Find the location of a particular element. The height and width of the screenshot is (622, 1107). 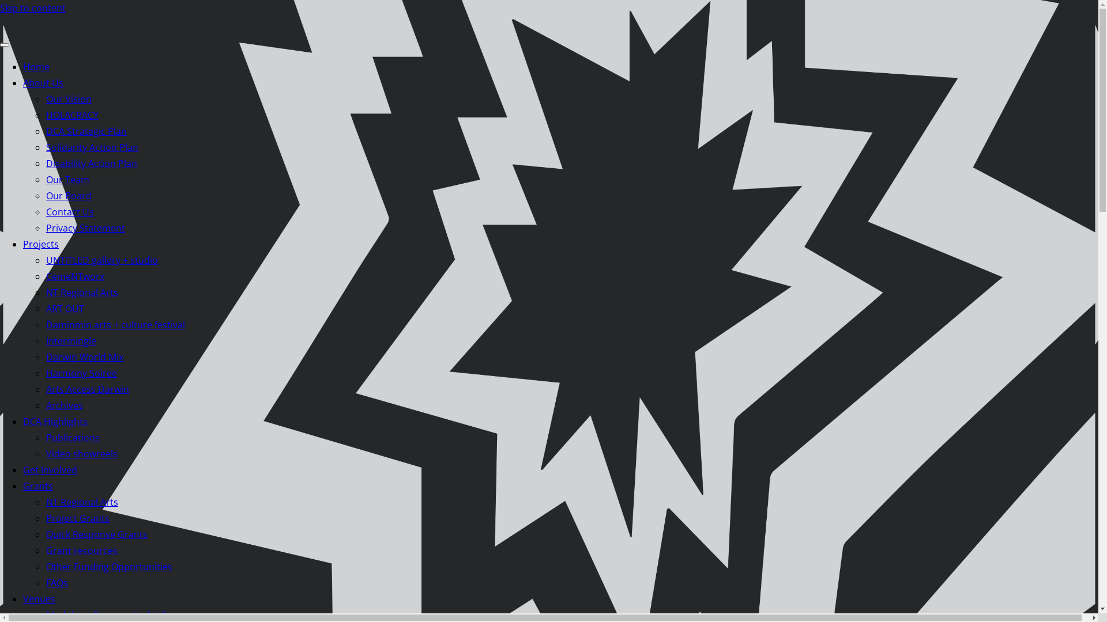

'Privacy Statement' is located at coordinates (85, 228).